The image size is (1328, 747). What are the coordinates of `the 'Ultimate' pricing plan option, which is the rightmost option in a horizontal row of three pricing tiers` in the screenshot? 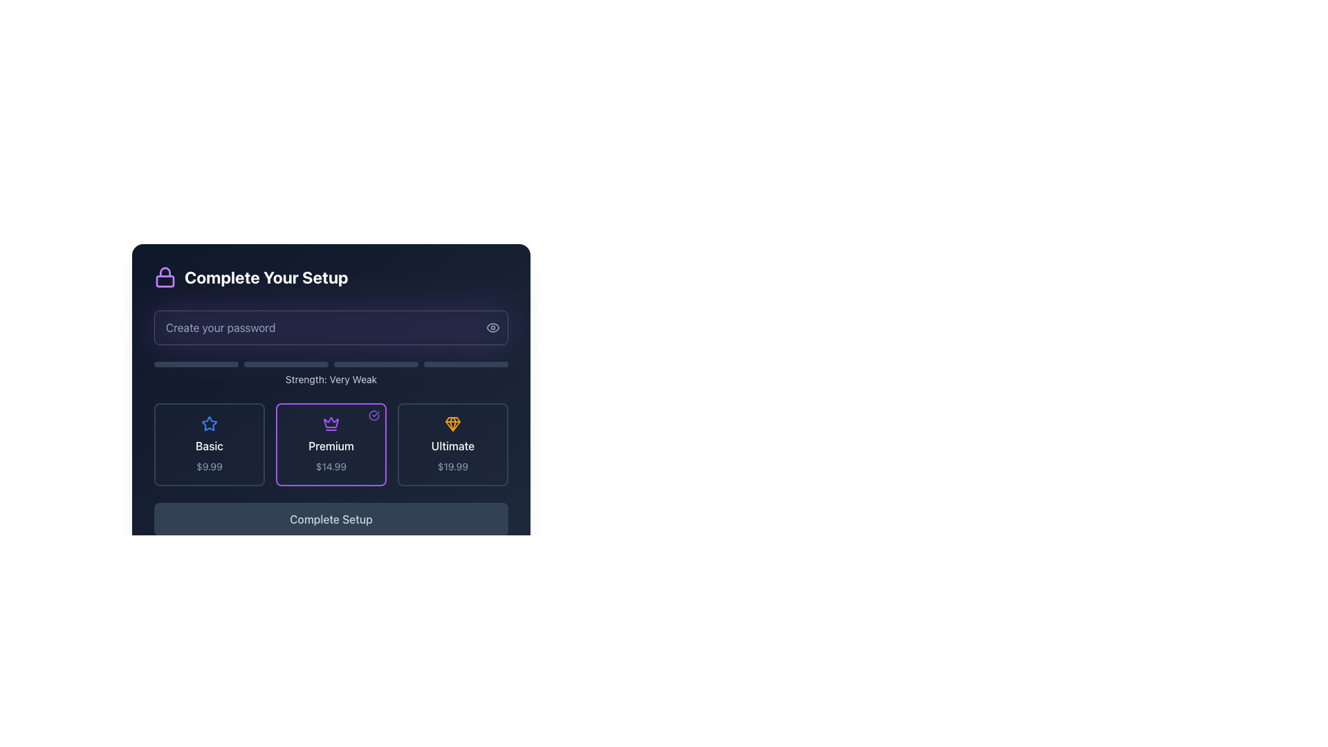 It's located at (452, 445).